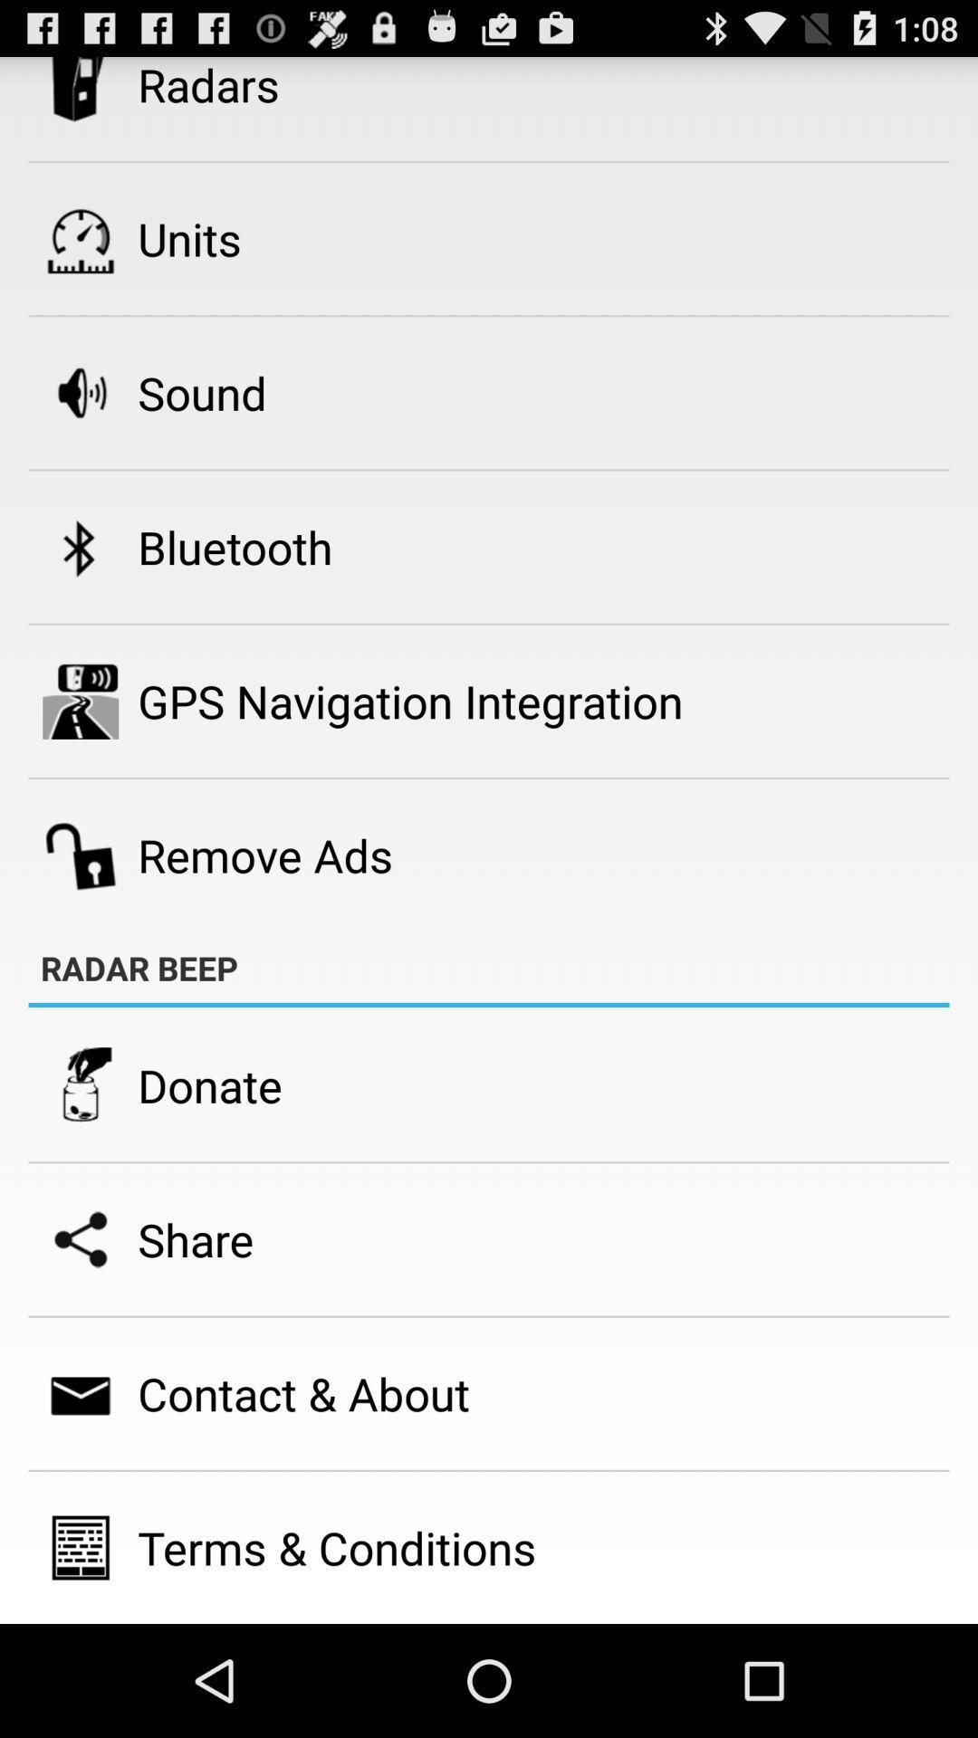 The width and height of the screenshot is (978, 1738). I want to click on the donate item, so click(209, 1085).